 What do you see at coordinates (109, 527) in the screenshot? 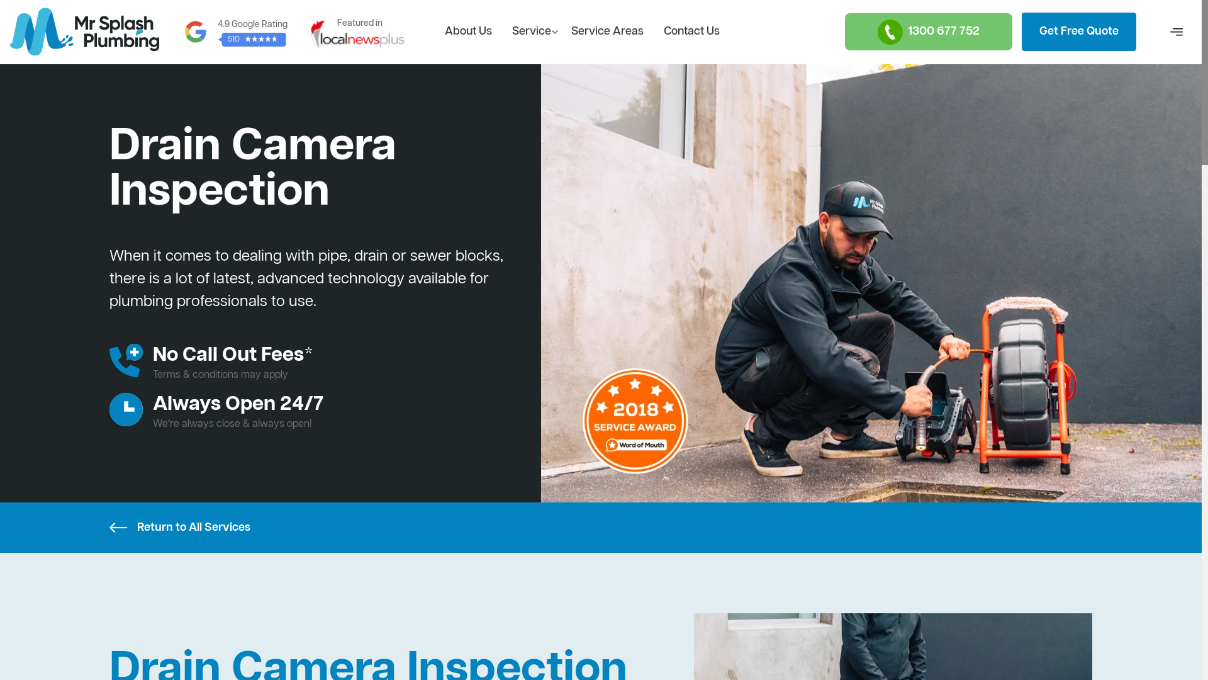
I see `'Return to All Services'` at bounding box center [109, 527].